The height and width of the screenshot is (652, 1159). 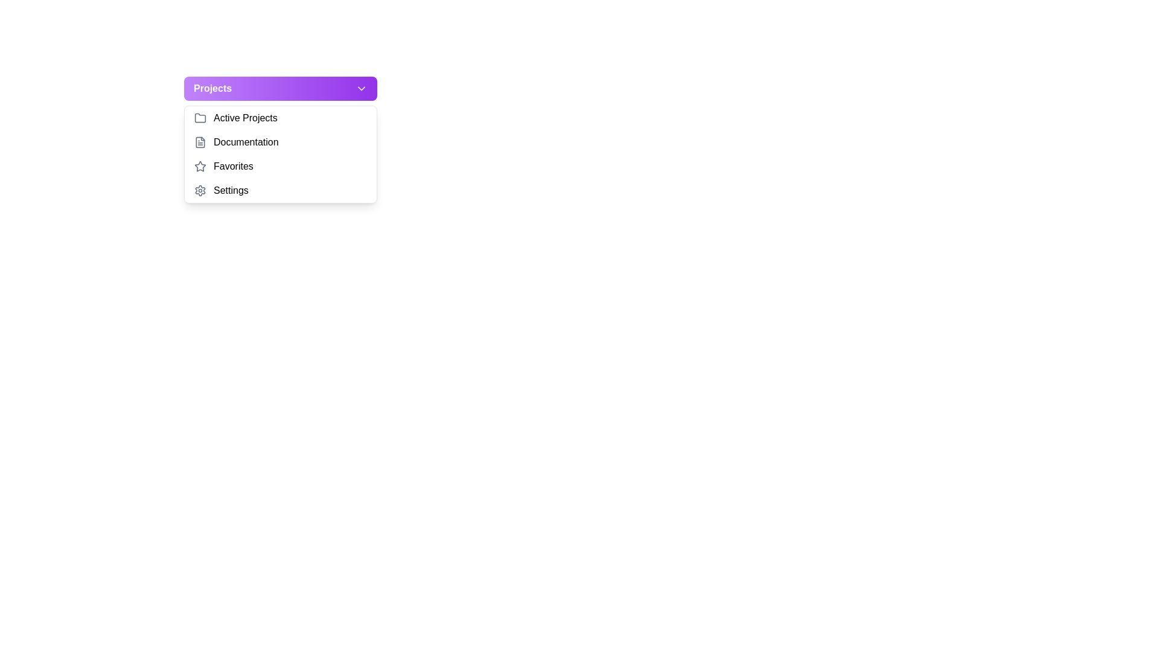 What do you see at coordinates (200, 166) in the screenshot?
I see `the star icon located to the left of the 'Favorites' text in the menu dropdown, which signifies rating or favorite features` at bounding box center [200, 166].